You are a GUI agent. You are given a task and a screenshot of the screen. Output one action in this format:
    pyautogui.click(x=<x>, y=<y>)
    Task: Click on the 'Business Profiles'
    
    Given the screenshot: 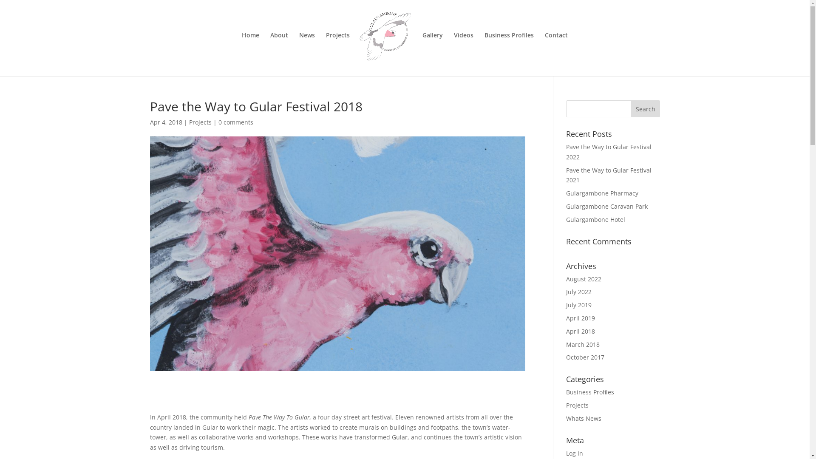 What is the action you would take?
    pyautogui.click(x=589, y=392)
    